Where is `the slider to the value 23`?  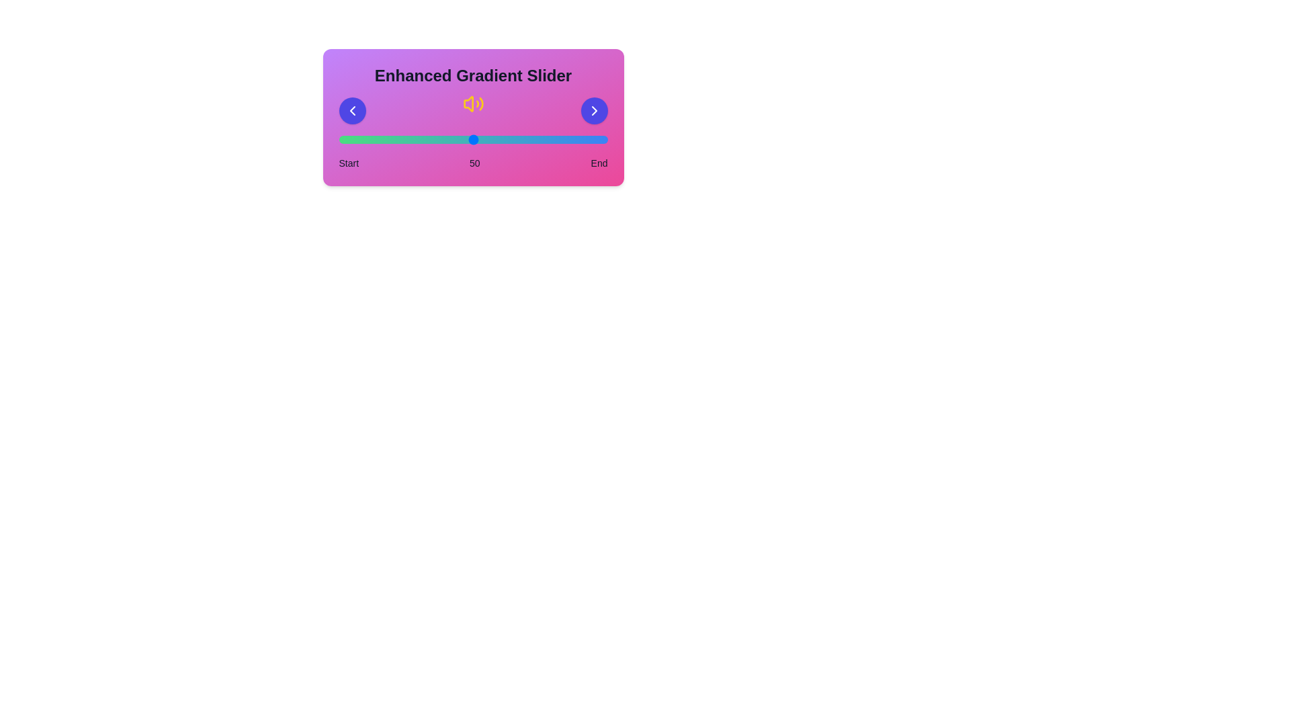 the slider to the value 23 is located at coordinates (400, 140).